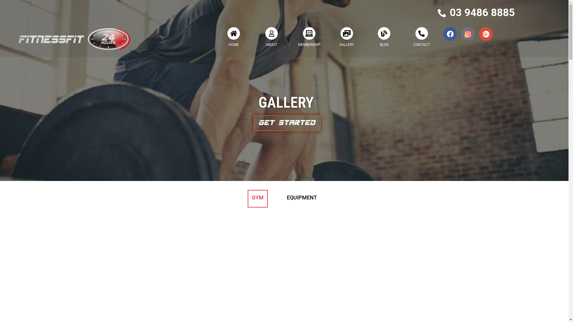 The width and height of the screenshot is (573, 322). I want to click on 'MEMBERSHIP', so click(309, 44).